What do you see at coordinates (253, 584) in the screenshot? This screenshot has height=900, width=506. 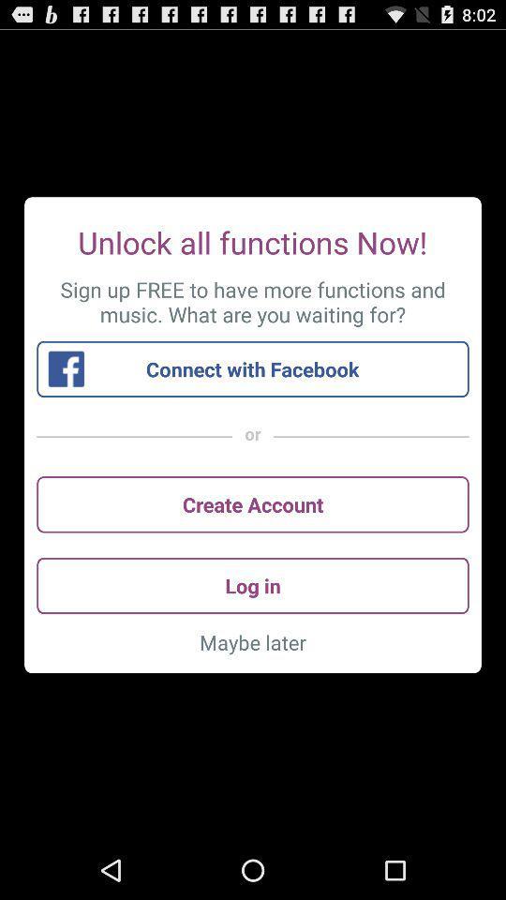 I see `the log in icon` at bounding box center [253, 584].